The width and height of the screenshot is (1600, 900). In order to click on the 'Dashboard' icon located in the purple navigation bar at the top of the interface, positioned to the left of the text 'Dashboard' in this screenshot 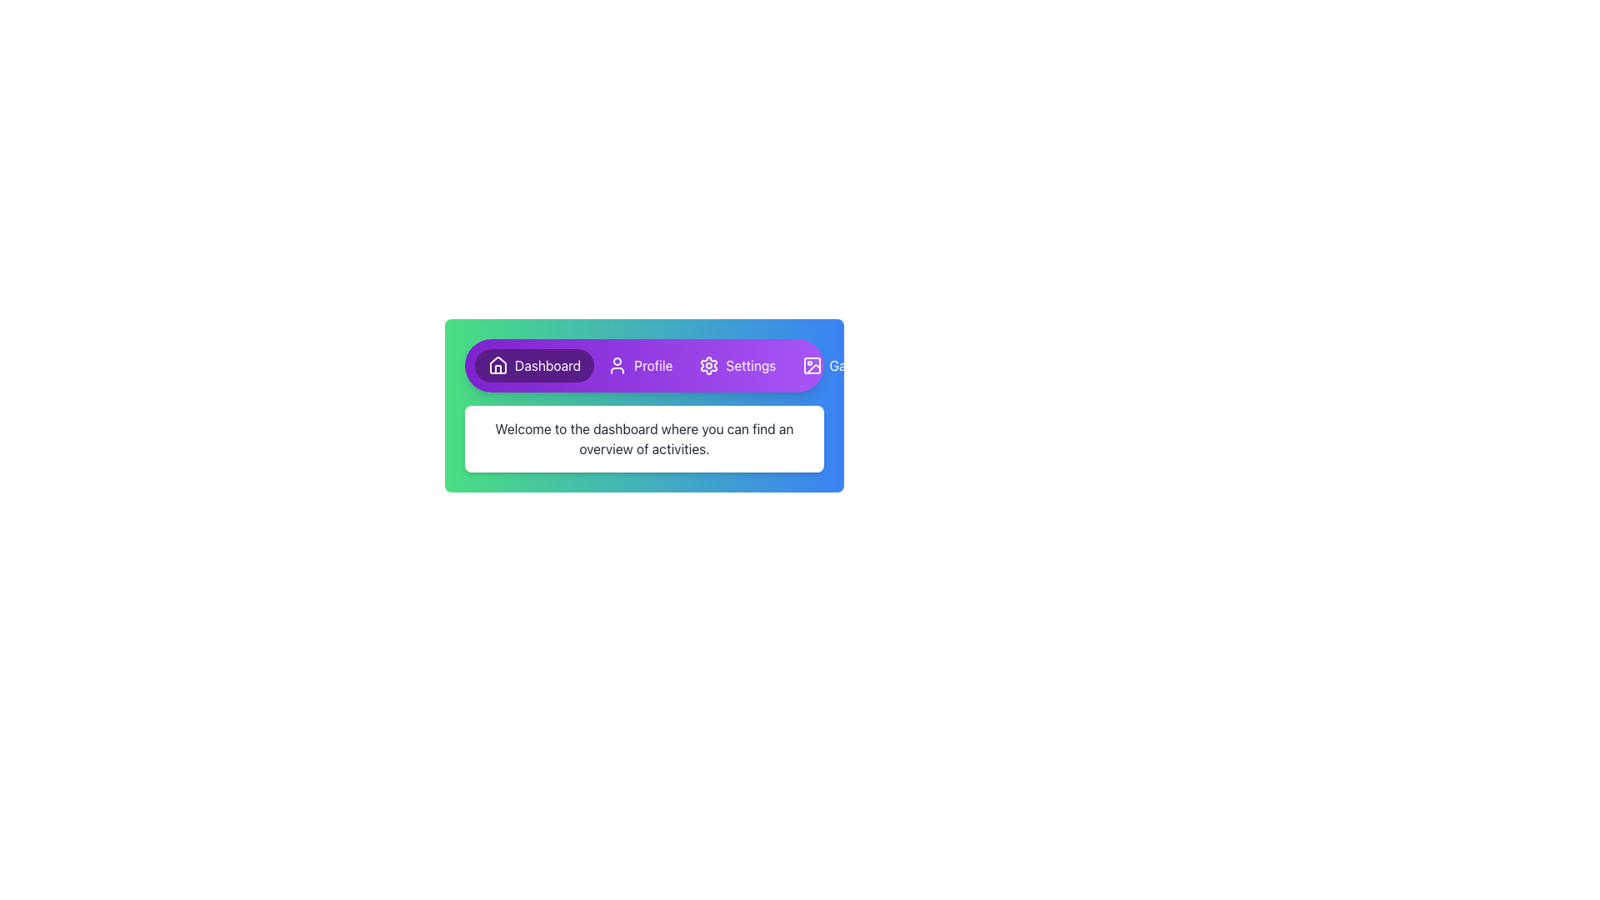, I will do `click(497, 365)`.